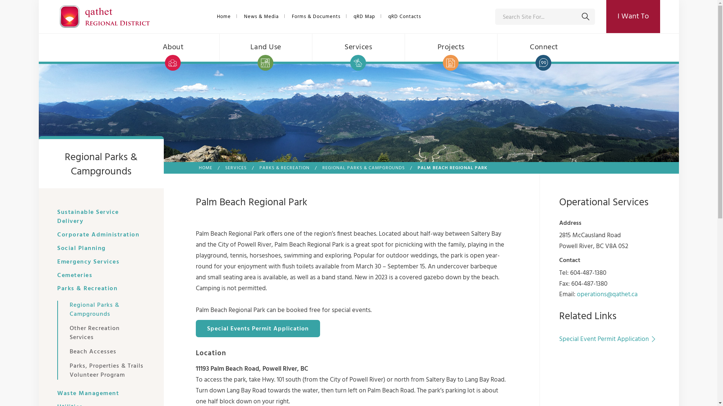  I want to click on 'Cemeteries', so click(57, 275).